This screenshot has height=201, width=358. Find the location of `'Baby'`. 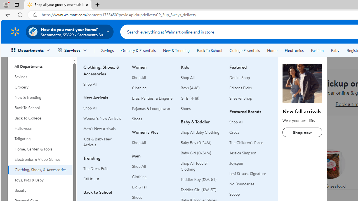

'Baby' is located at coordinates (335, 51).